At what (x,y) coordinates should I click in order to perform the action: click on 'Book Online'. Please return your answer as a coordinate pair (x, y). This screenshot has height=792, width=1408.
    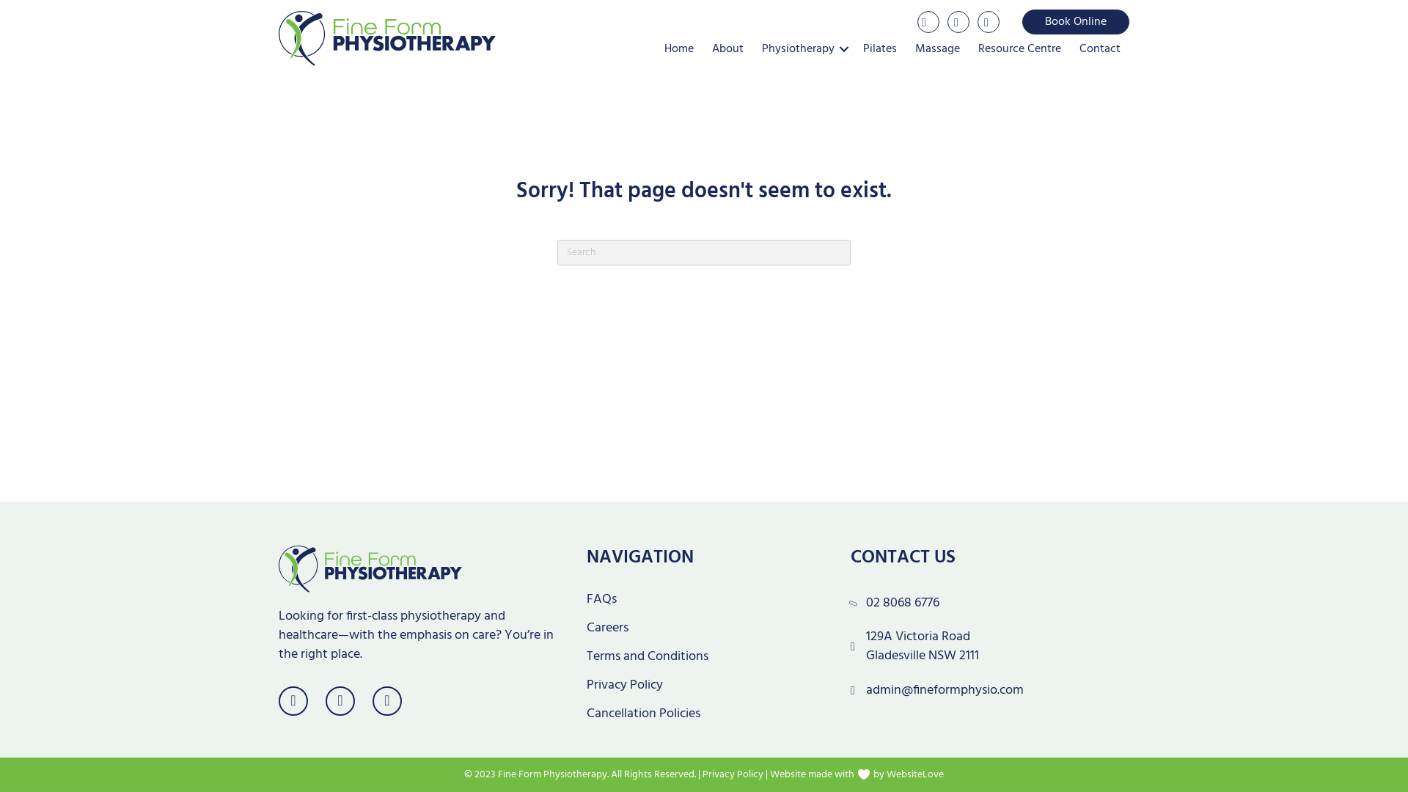
    Looking at the image, I should click on (1076, 22).